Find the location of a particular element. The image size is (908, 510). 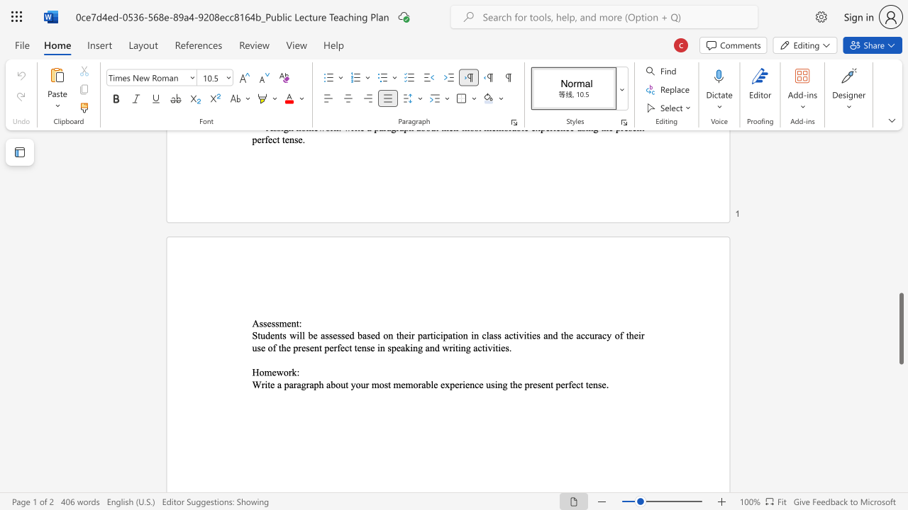

the 1th character "s" in the text is located at coordinates (261, 323).